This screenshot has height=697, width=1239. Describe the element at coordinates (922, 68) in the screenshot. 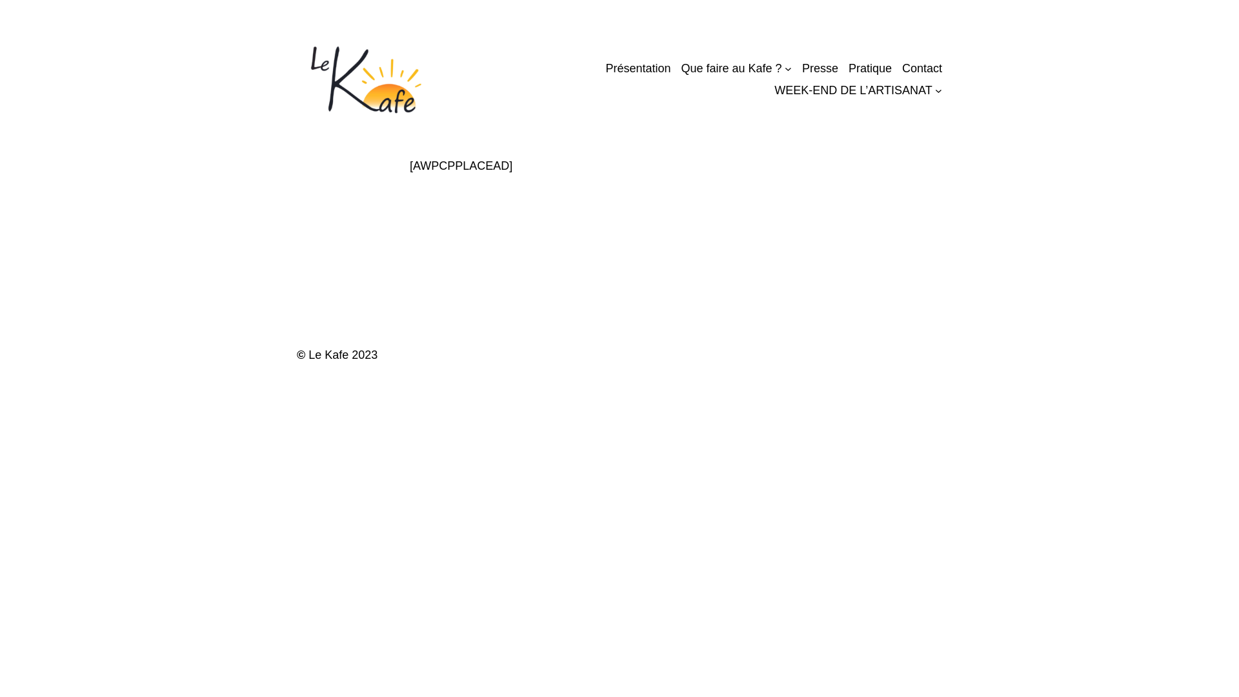

I see `'Contact'` at that location.